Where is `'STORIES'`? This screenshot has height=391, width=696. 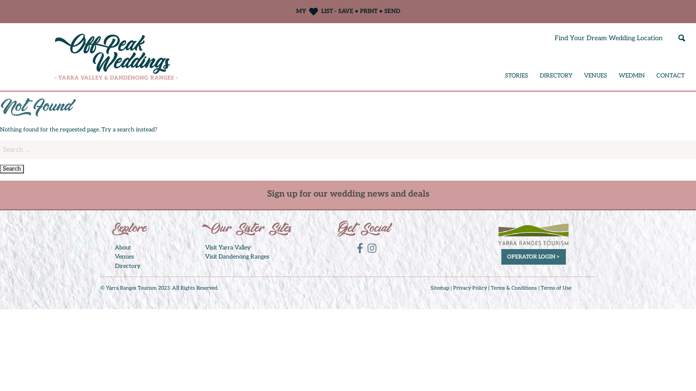 'STORIES' is located at coordinates (516, 76).